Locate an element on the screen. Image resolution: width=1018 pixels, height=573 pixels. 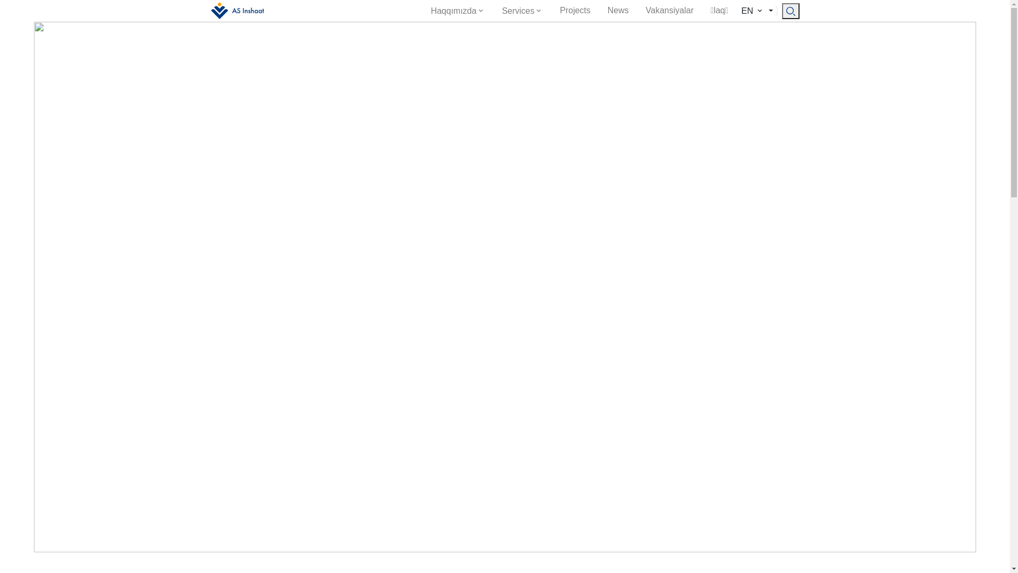
'Services' is located at coordinates (522, 11).